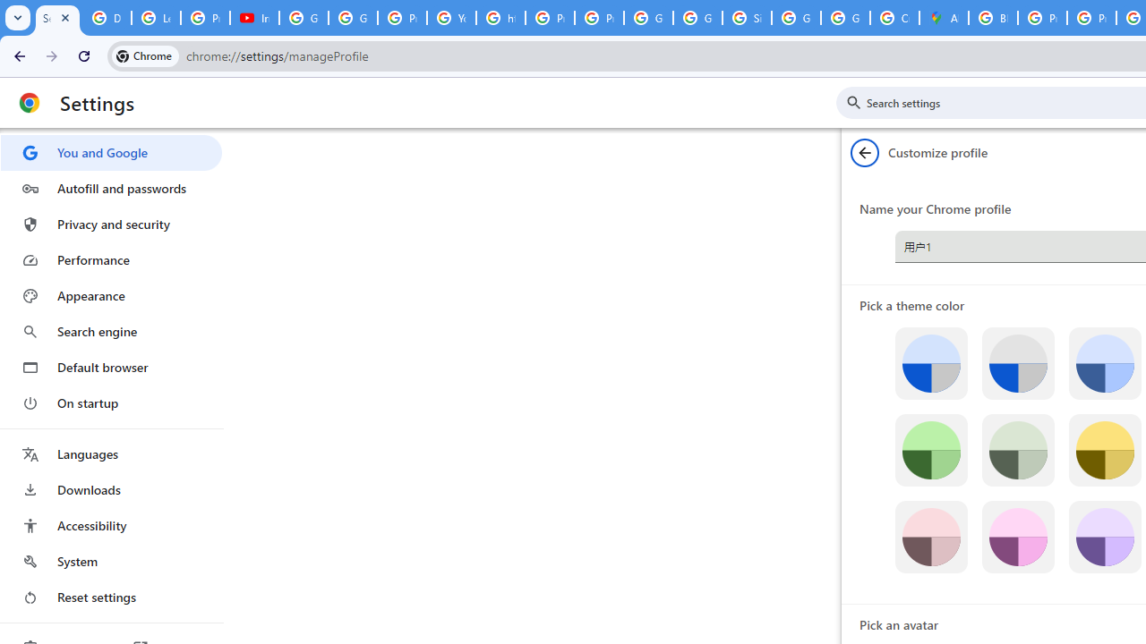  Describe the element at coordinates (894, 18) in the screenshot. I see `'Create your Google Account'` at that location.